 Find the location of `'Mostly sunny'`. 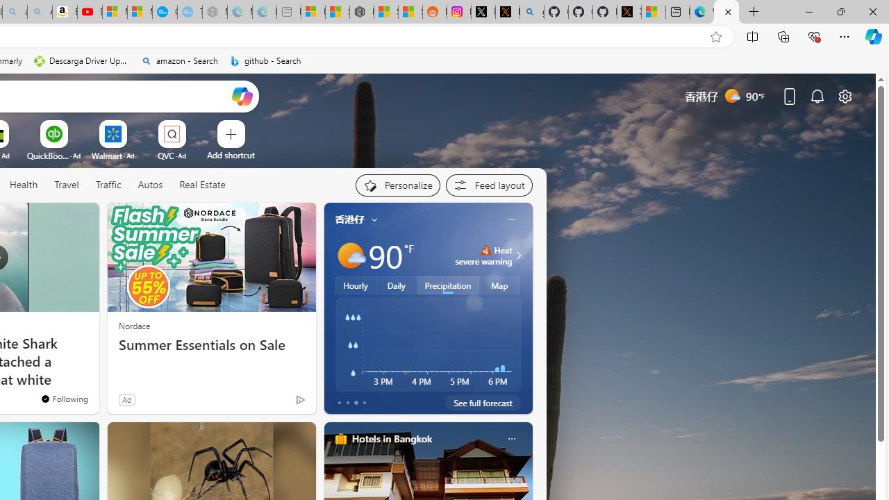

'Mostly sunny' is located at coordinates (350, 256).